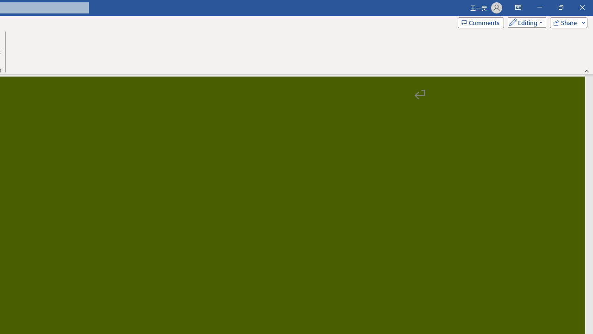 The width and height of the screenshot is (593, 334). Describe the element at coordinates (525, 22) in the screenshot. I see `'Mode'` at that location.